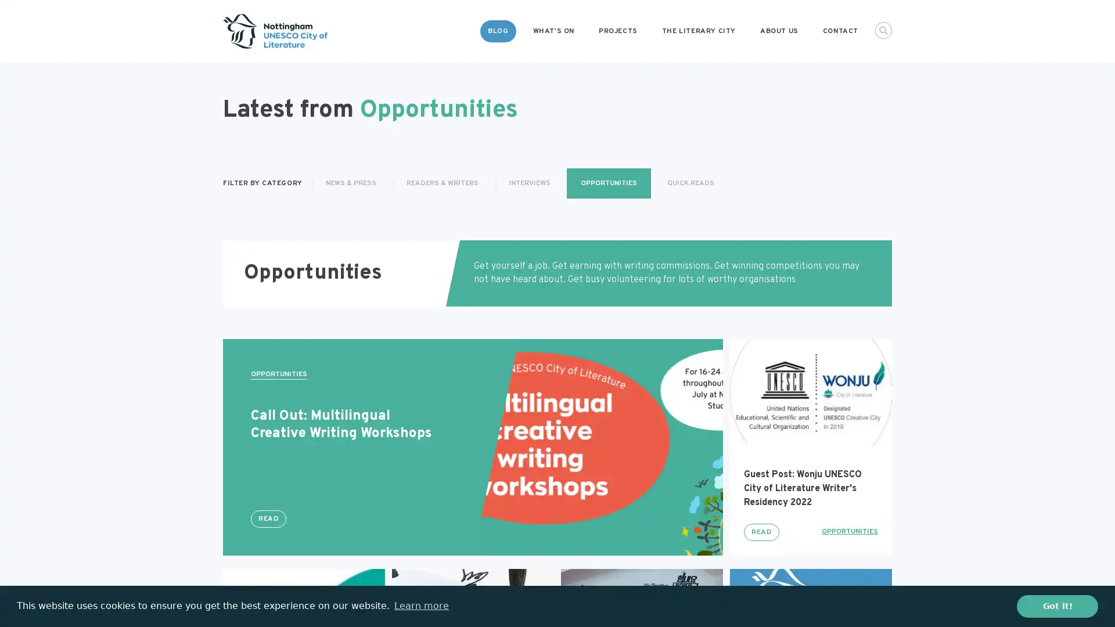 This screenshot has height=627, width=1115. I want to click on dismiss cookie message, so click(1057, 606).